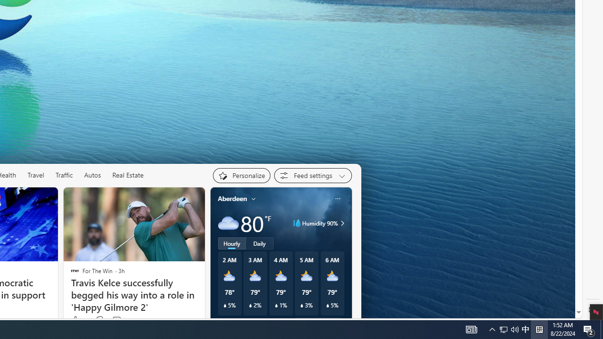 This screenshot has width=603, height=339. Describe the element at coordinates (228, 223) in the screenshot. I see `'Cloudy'` at that location.